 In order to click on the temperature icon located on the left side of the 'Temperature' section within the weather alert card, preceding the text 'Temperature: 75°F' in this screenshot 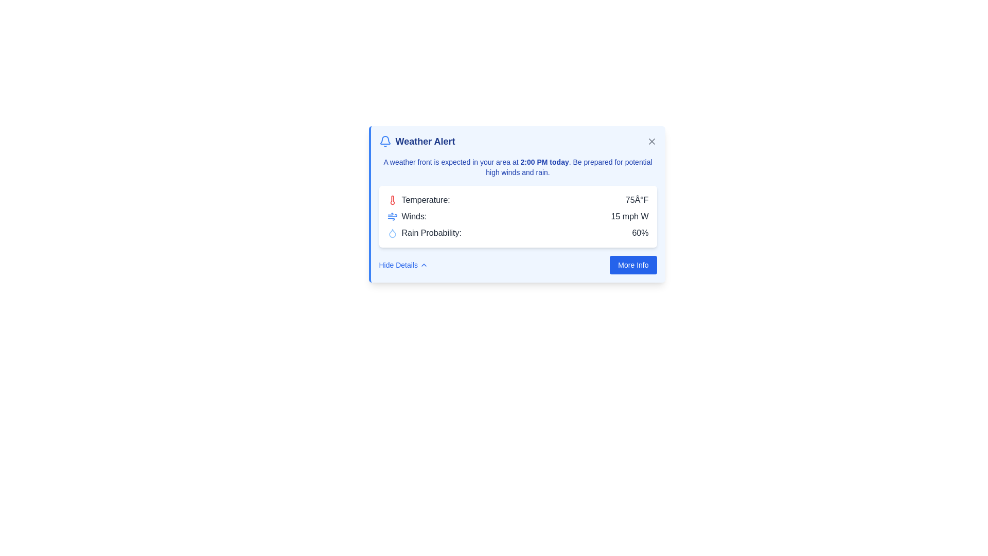, I will do `click(392, 200)`.